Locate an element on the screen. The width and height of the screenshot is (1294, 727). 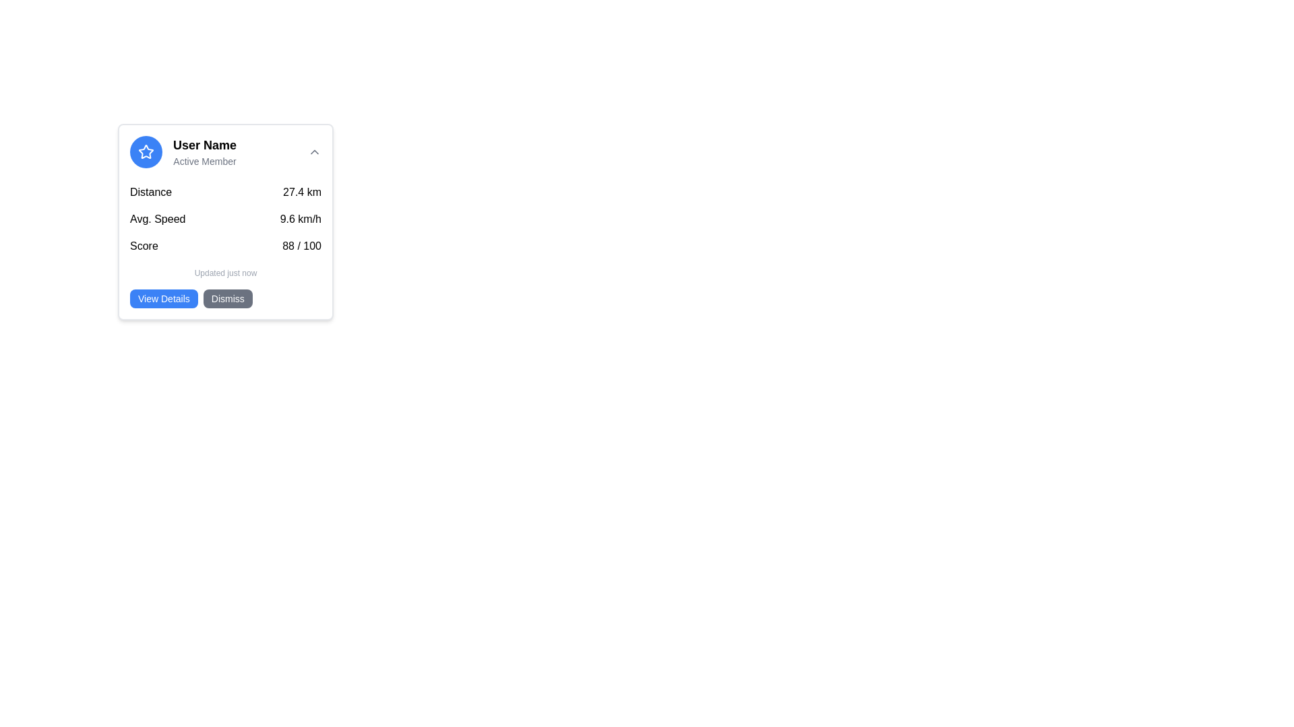
the text label that describes the score or rating, located in the lower section of the card-like component, positioned to the far left of the '88 / 100' text is located at coordinates (144, 246).